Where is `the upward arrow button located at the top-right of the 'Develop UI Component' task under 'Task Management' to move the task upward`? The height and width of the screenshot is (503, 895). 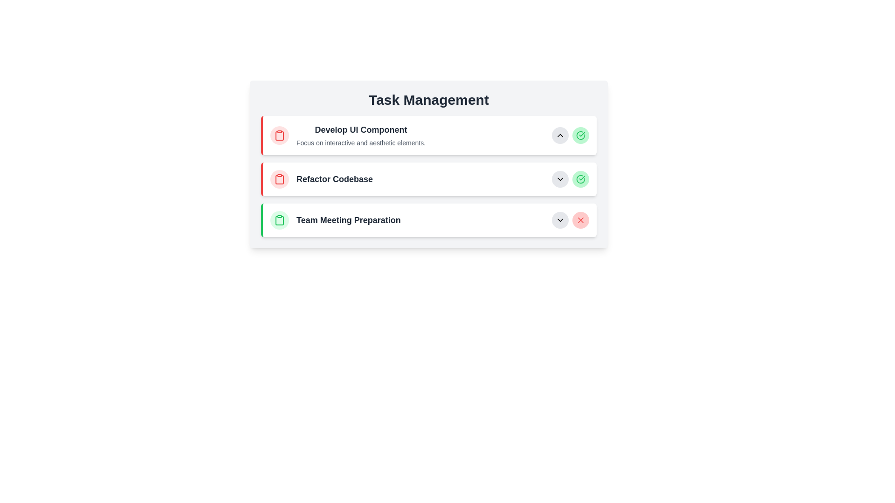
the upward arrow button located at the top-right of the 'Develop UI Component' task under 'Task Management' to move the task upward is located at coordinates (570, 135).